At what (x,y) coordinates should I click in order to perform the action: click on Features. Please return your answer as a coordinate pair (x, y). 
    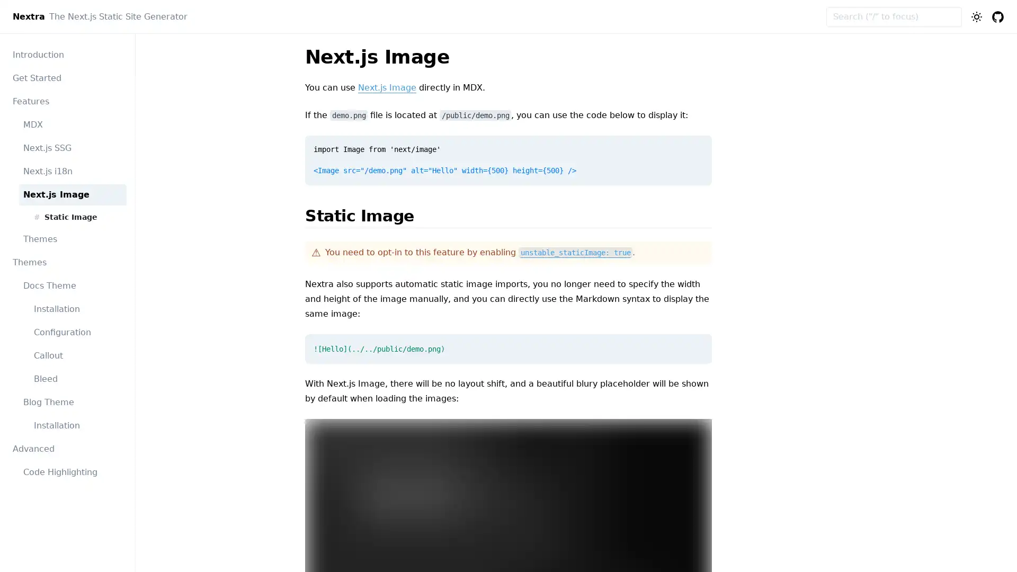
    Looking at the image, I should click on (67, 102).